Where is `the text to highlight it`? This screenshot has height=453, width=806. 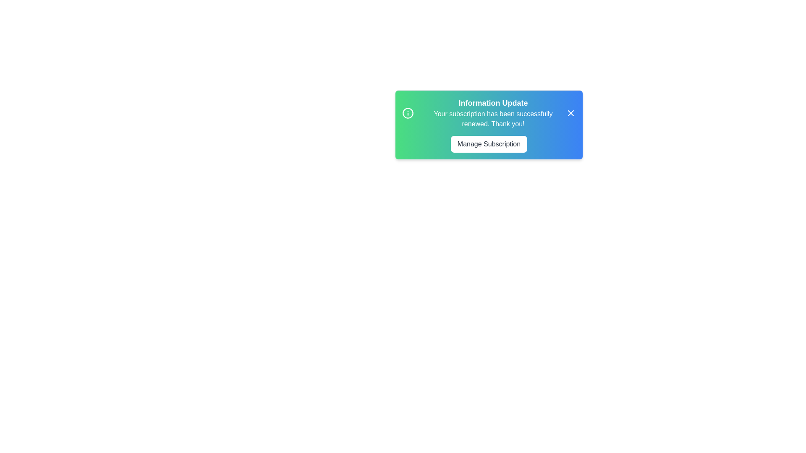
the text to highlight it is located at coordinates (489, 113).